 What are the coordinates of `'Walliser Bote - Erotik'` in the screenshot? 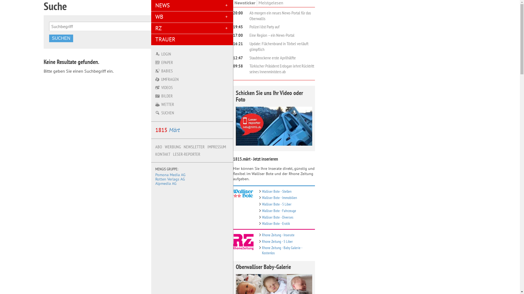 It's located at (276, 223).